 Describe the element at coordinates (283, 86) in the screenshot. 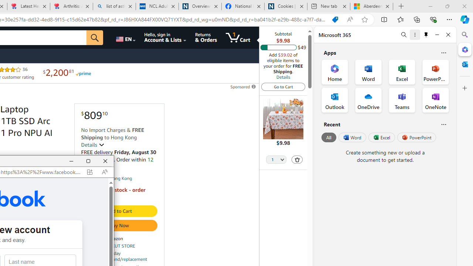

I see `'Go to Cart'` at that location.